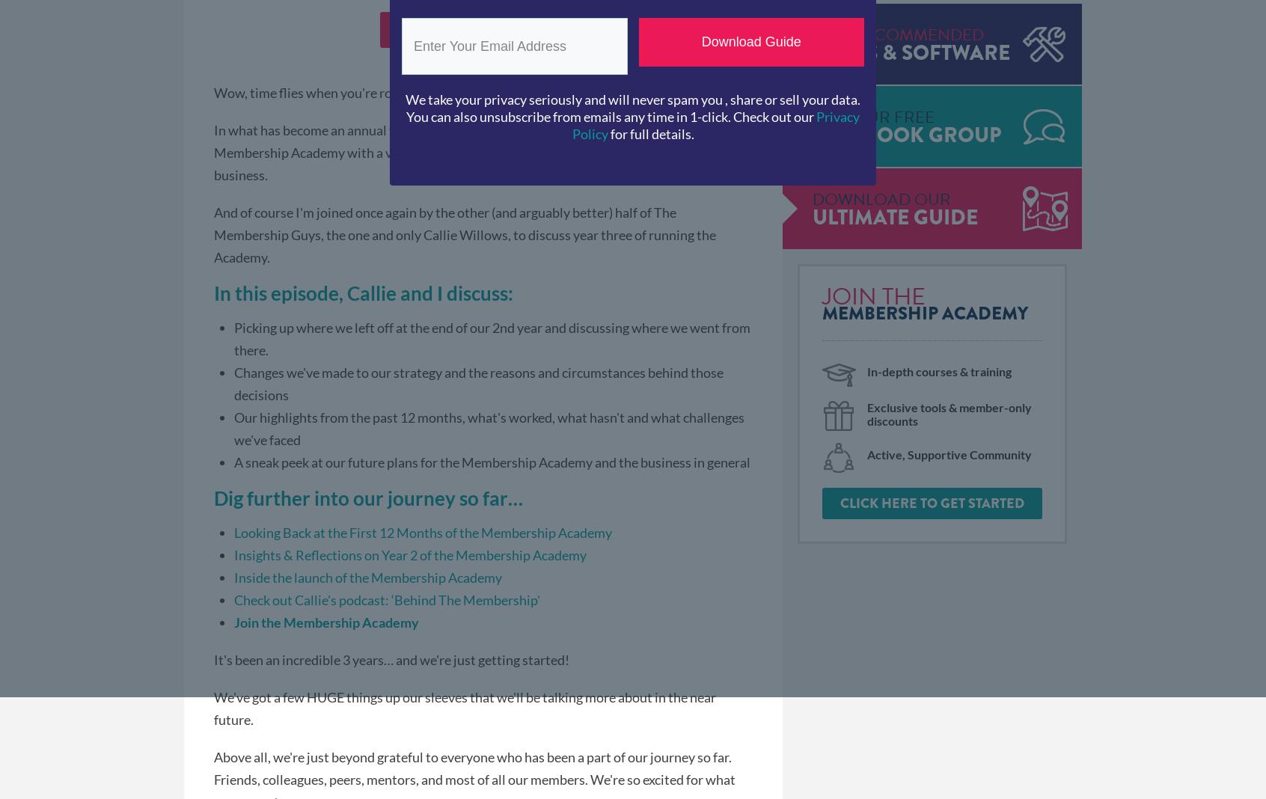 The height and width of the screenshot is (799, 1266). What do you see at coordinates (492, 460) in the screenshot?
I see `'A sneak peek at our future plans for the Membership Academy and the business in general'` at bounding box center [492, 460].